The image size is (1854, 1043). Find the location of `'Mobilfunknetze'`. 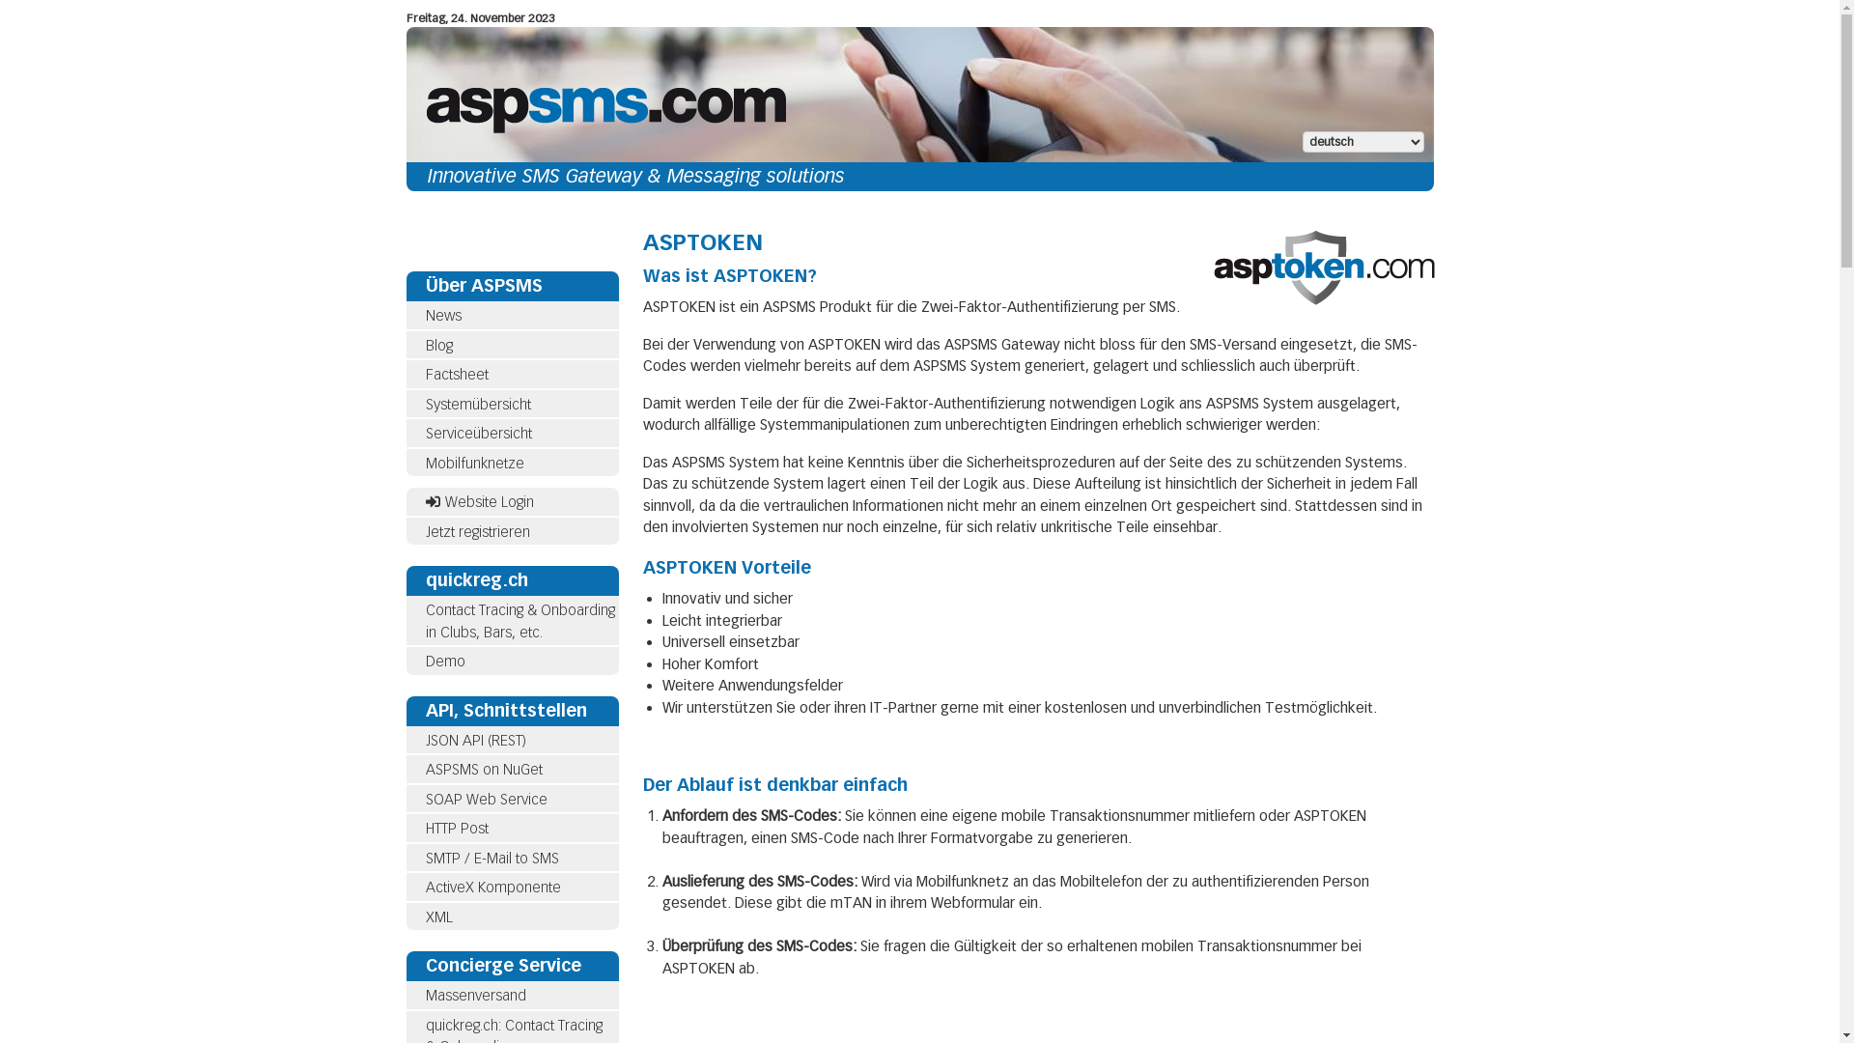

'Mobilfunknetze' is located at coordinates (473, 462).